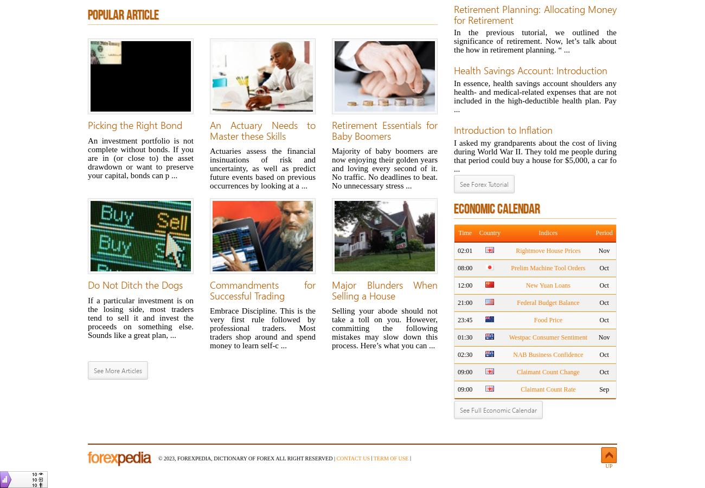  What do you see at coordinates (384, 328) in the screenshot?
I see `'Selling your abode should not take a toll on you. However, committing the following mistakes may slow down this process. Here’s what you can  ...'` at bounding box center [384, 328].